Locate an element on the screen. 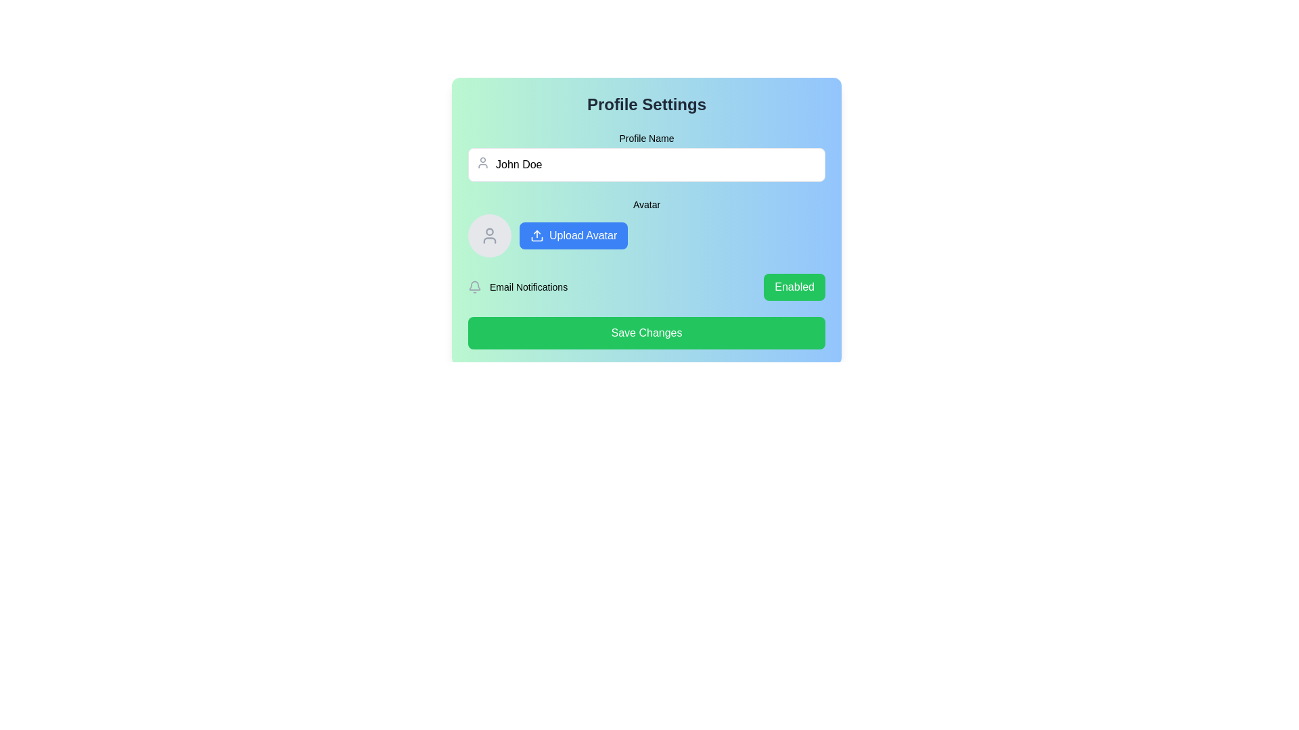  the decorative upload icon located inside the 'Upload Avatar' button, which is positioned centrally within the 'Avatar' section of the interface is located at coordinates (536, 235).